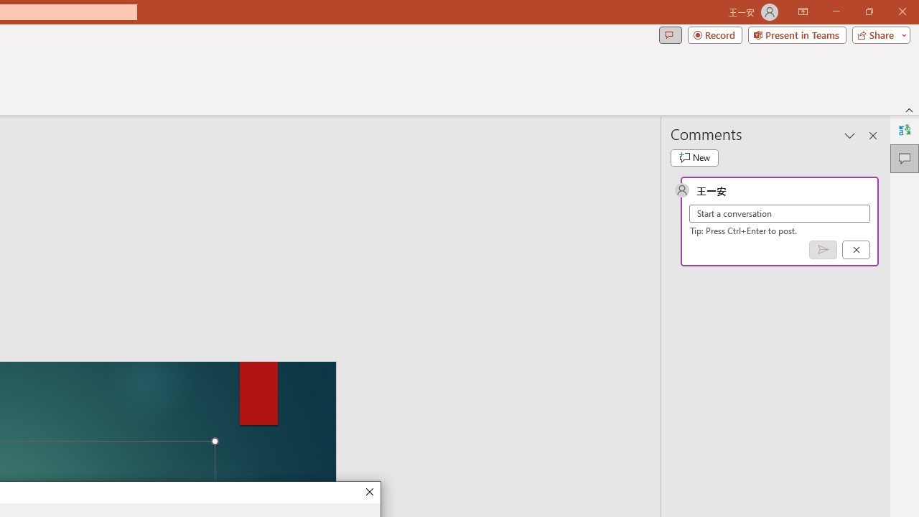  I want to click on 'Present in Teams', so click(796, 34).